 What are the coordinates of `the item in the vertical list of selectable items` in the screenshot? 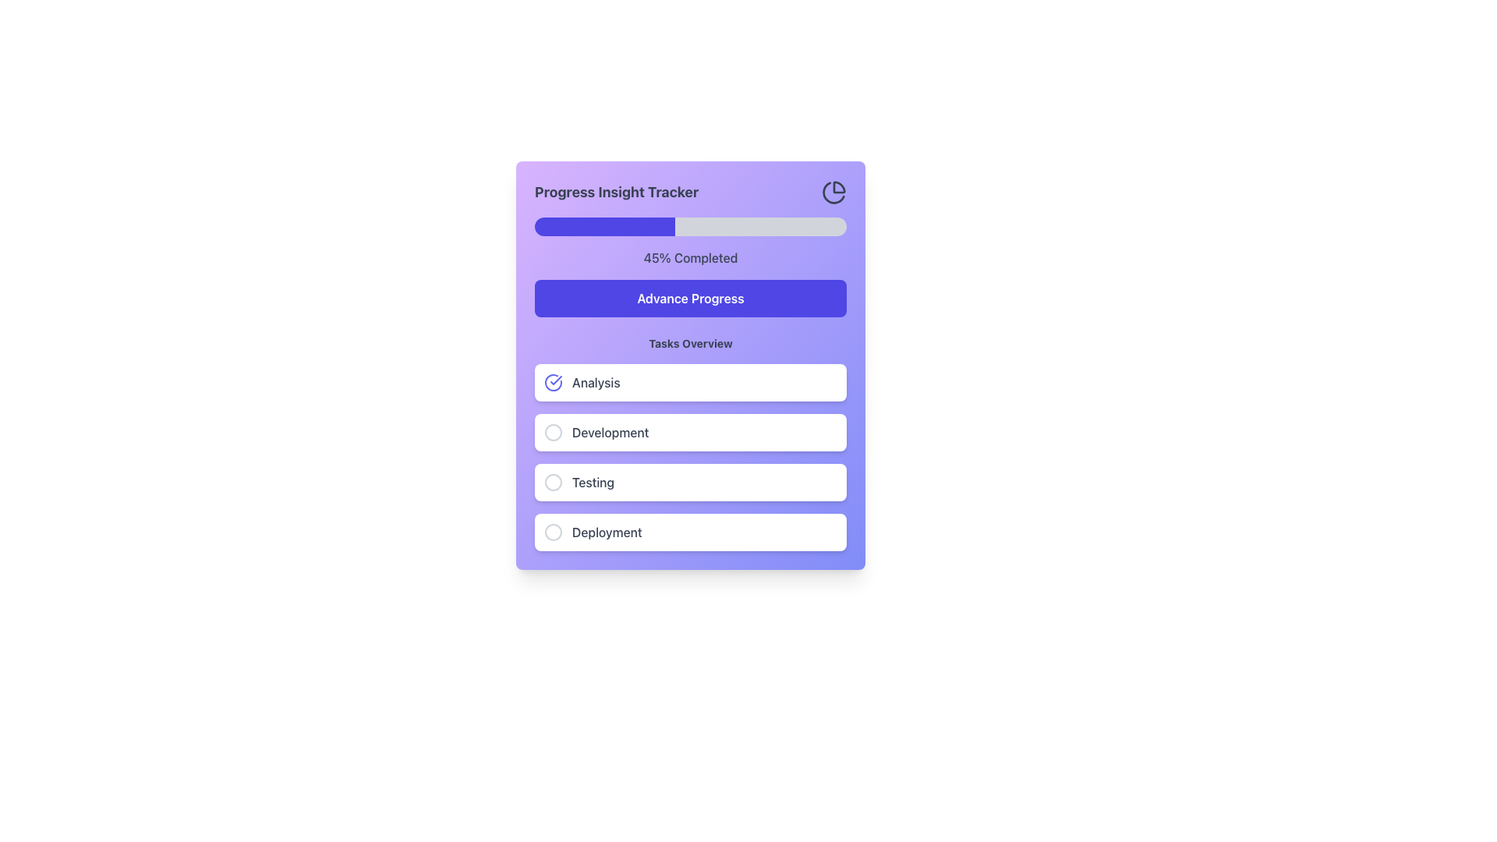 It's located at (690, 456).